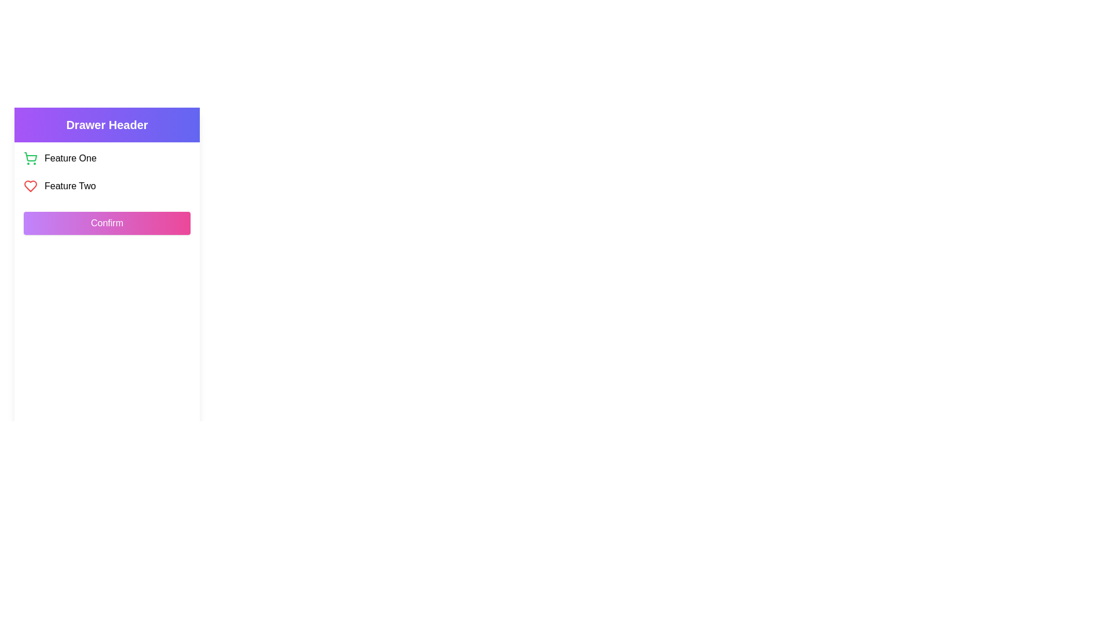  Describe the element at coordinates (30, 158) in the screenshot. I see `the shopping cart icon outlined in green, located to the left of the text 'Feature One' in the header section of the vertical list under 'Drawer Header'` at that location.